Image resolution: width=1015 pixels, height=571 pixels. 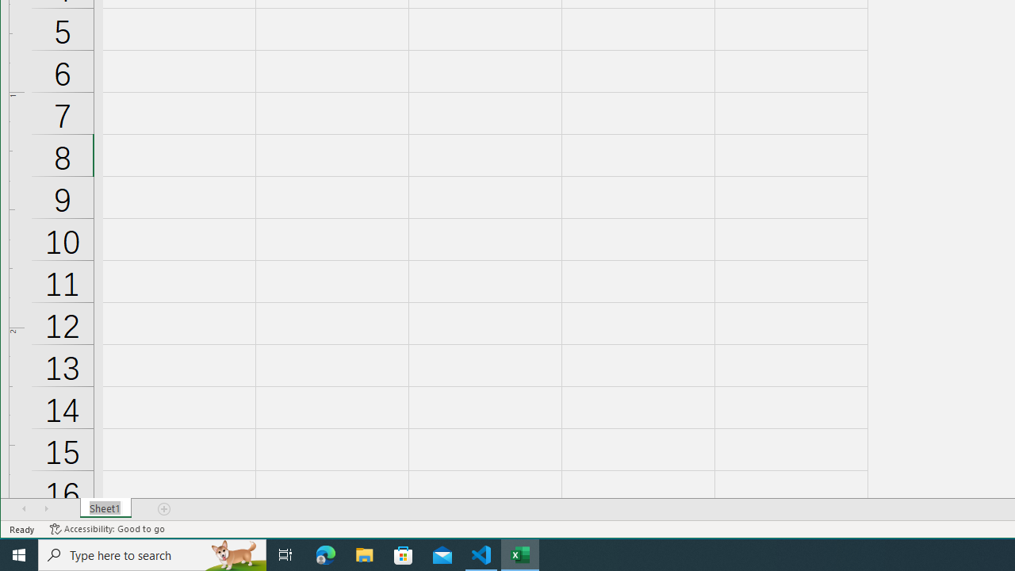 I want to click on 'Visual Studio Code - 1 running window', so click(x=481, y=554).